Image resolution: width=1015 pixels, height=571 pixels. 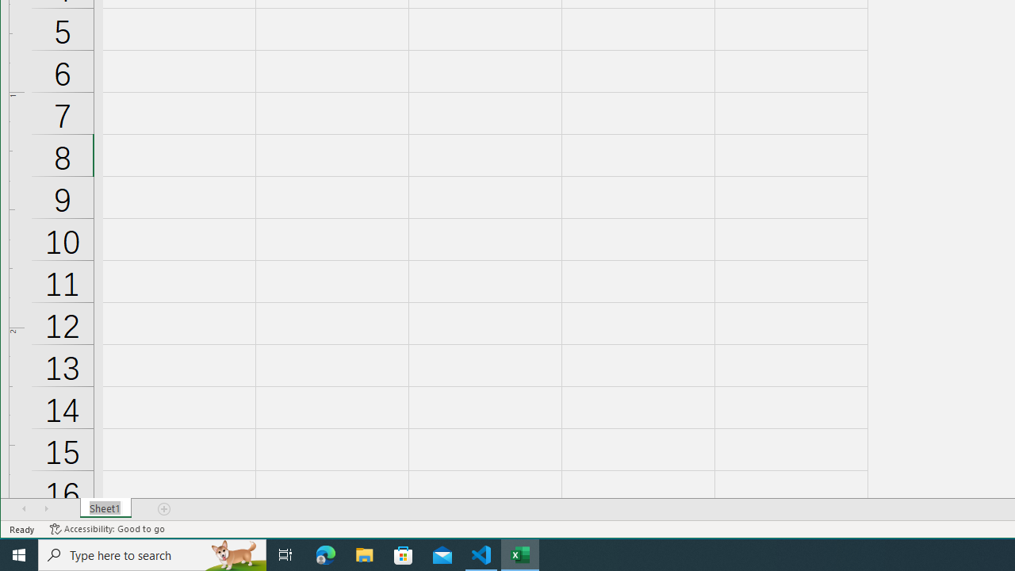 I want to click on 'Visual Studio Code - 1 running window', so click(x=481, y=554).